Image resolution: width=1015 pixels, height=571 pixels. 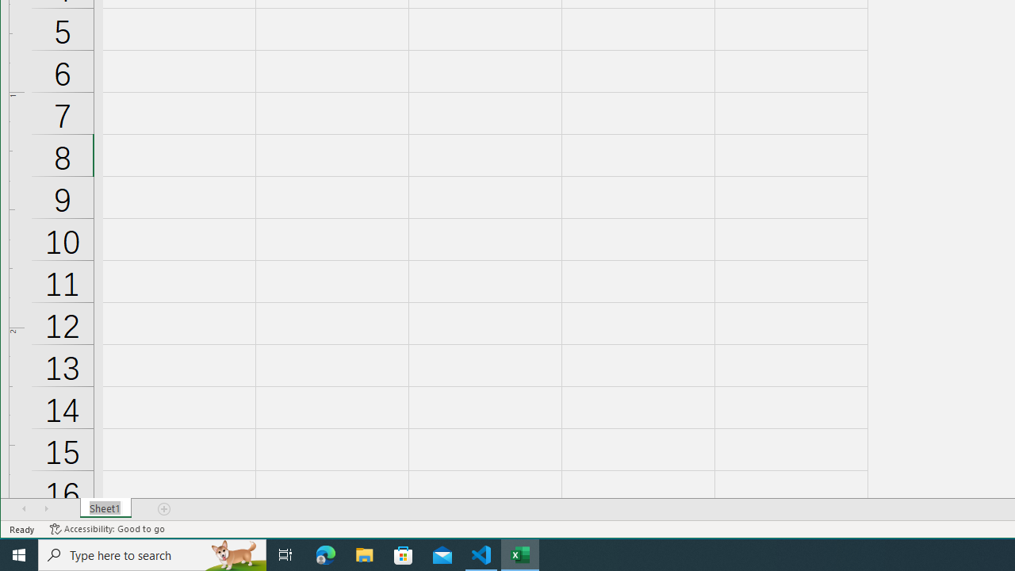 I want to click on 'Visual Studio Code - 1 running window', so click(x=481, y=554).